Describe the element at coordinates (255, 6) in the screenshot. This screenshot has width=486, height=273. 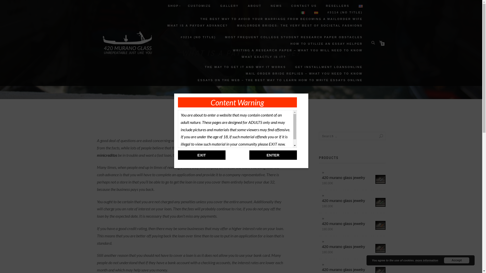
I see `'ABOUT'` at that location.